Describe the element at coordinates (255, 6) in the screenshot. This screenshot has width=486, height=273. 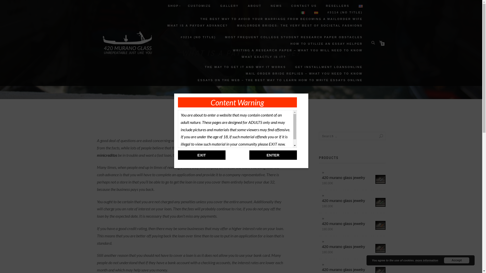
I see `'ABOUT'` at that location.